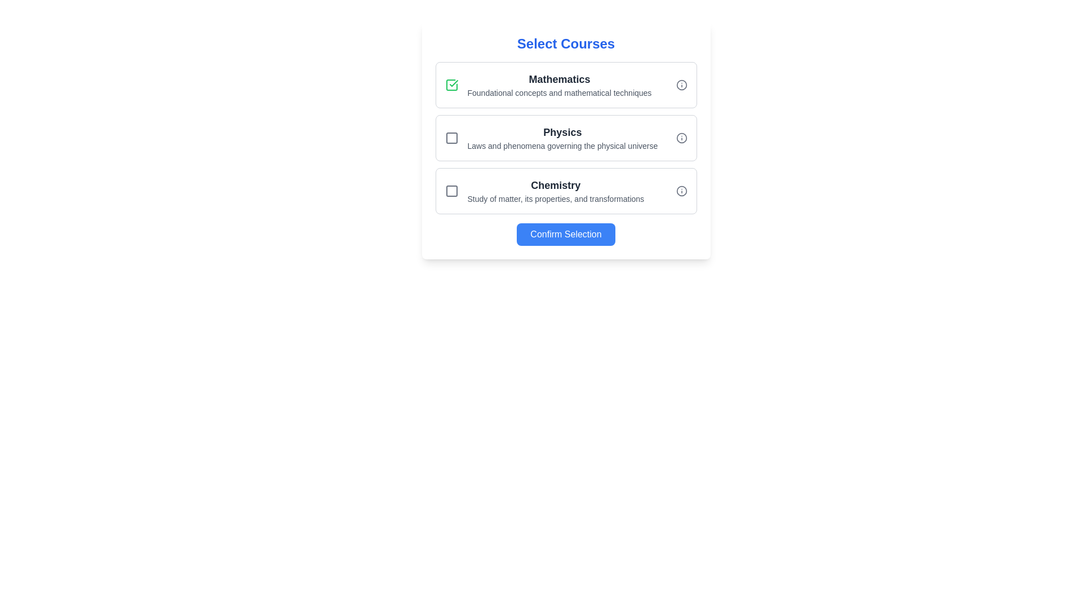  I want to click on the middle section of the vertical stack of interactive course elements, so click(566, 138).